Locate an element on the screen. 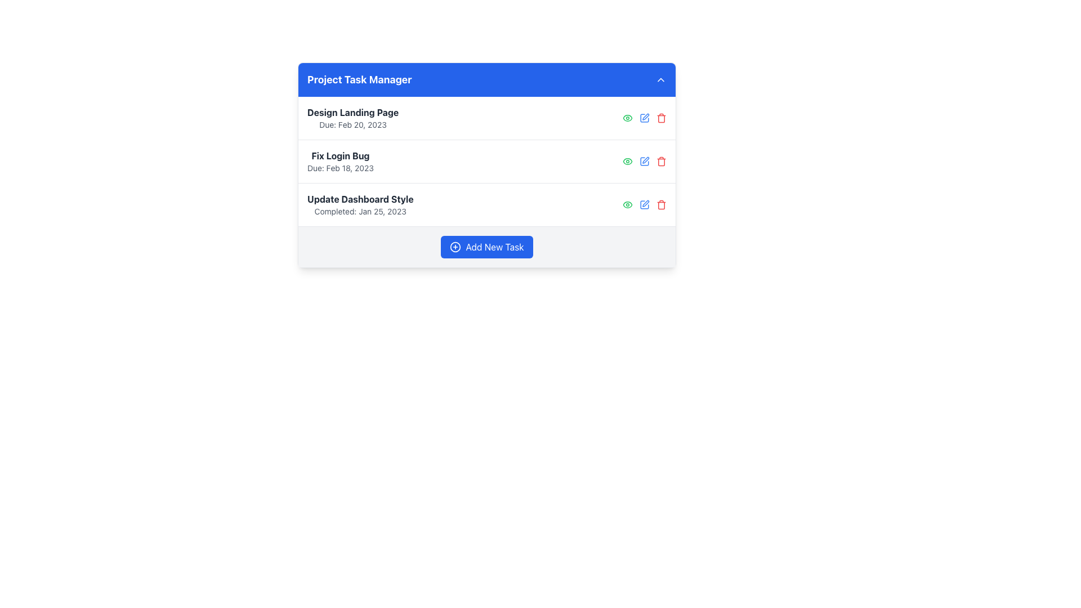  the first clickable green eye icon in the second row of the task list next to the task labeled 'Fix Login Bug' is located at coordinates (627, 118).